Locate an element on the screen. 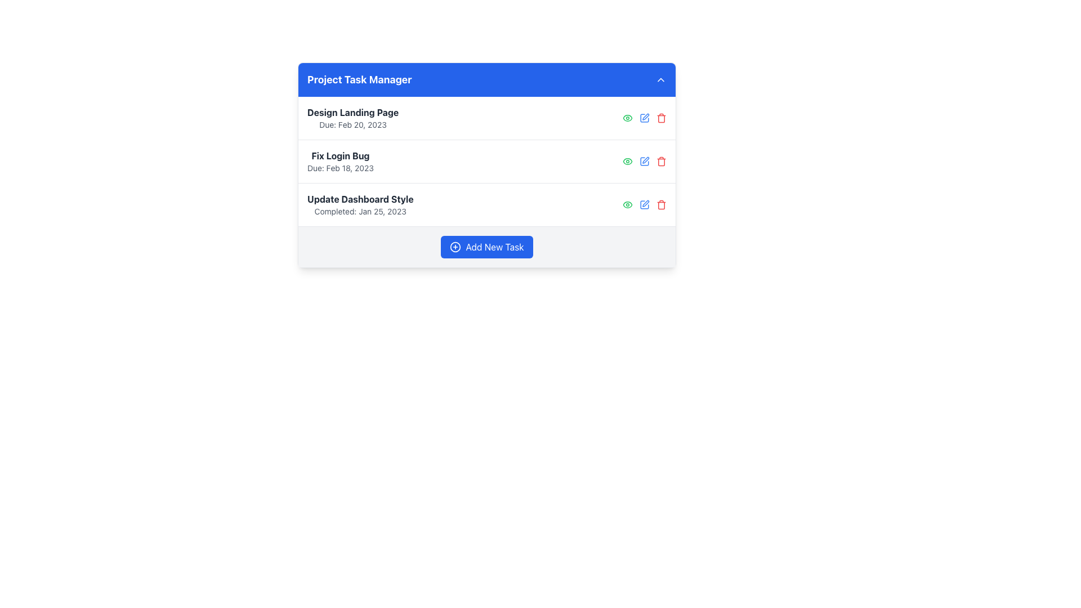  the first clickable green eye icon in the second row of the task list next to the task labeled 'Fix Login Bug' is located at coordinates (627, 118).